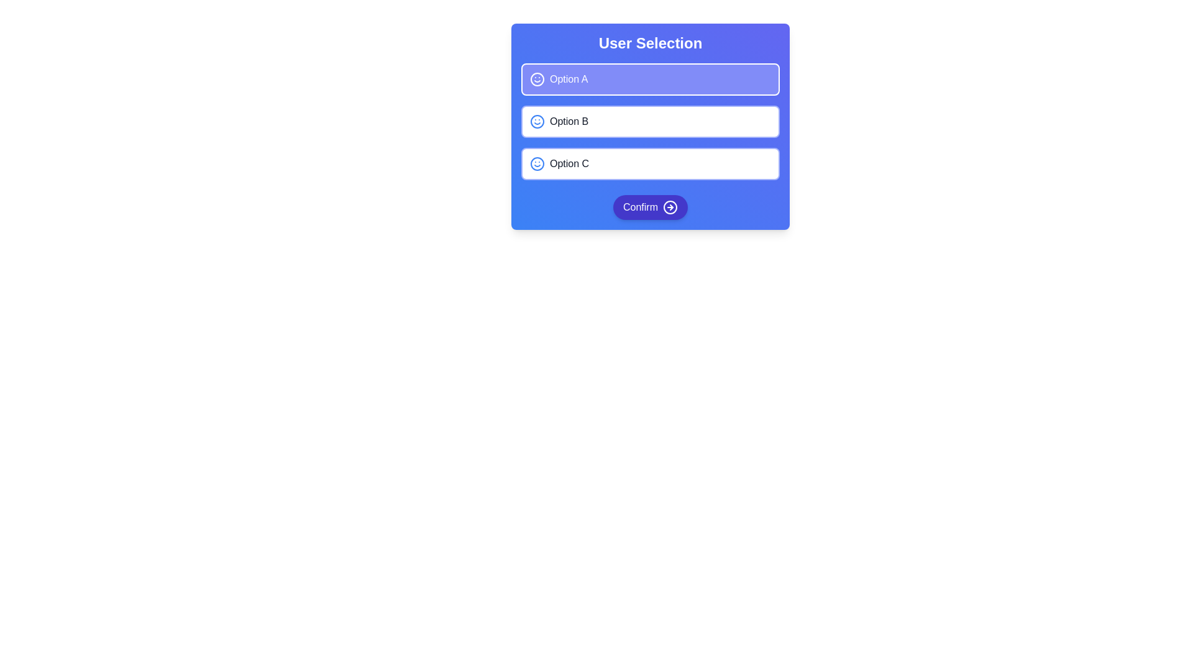 This screenshot has height=671, width=1193. I want to click on the right-pointing circular icon with a purple-blue background and white outlines, which is part of the 'Confirm' button, so click(670, 207).